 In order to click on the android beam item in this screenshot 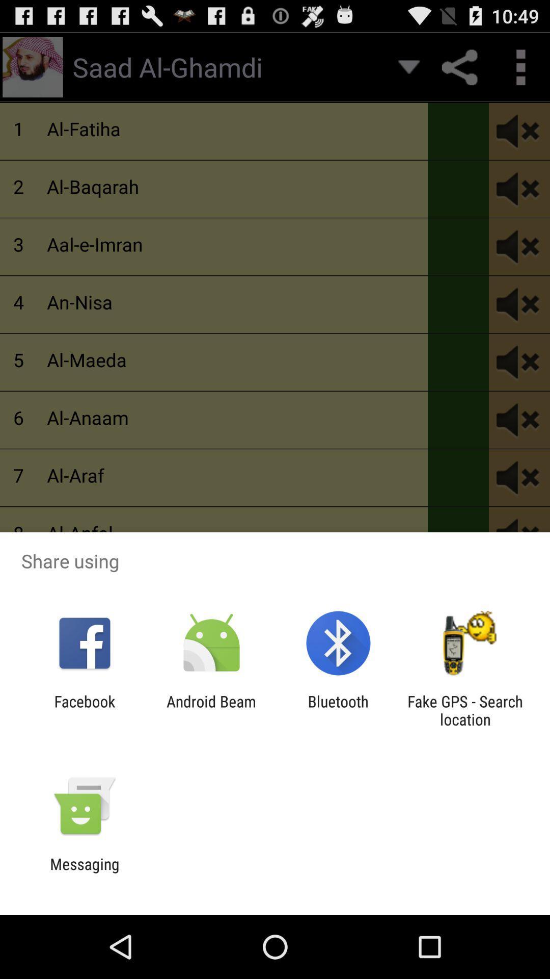, I will do `click(211, 710)`.